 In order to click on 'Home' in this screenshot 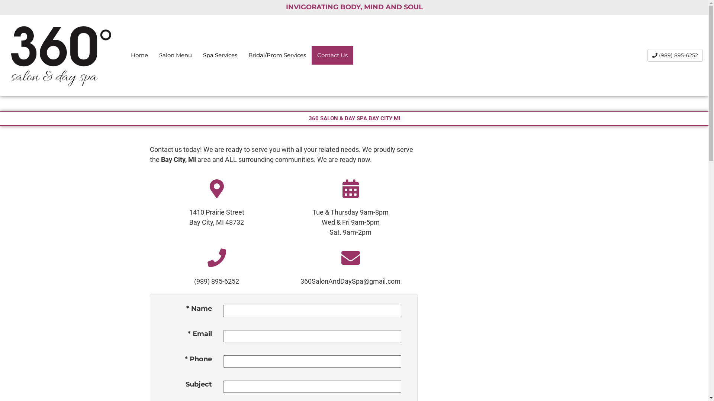, I will do `click(125, 55)`.